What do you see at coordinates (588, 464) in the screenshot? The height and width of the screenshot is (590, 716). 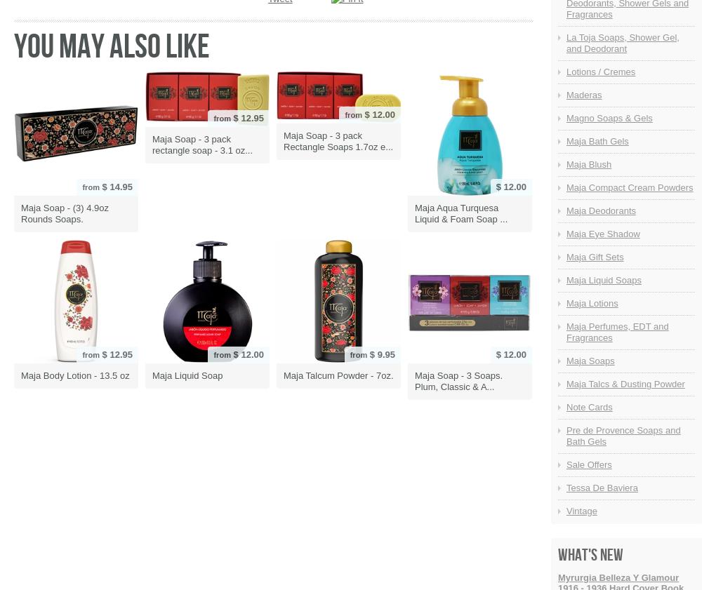 I see `'Sale Offers'` at bounding box center [588, 464].